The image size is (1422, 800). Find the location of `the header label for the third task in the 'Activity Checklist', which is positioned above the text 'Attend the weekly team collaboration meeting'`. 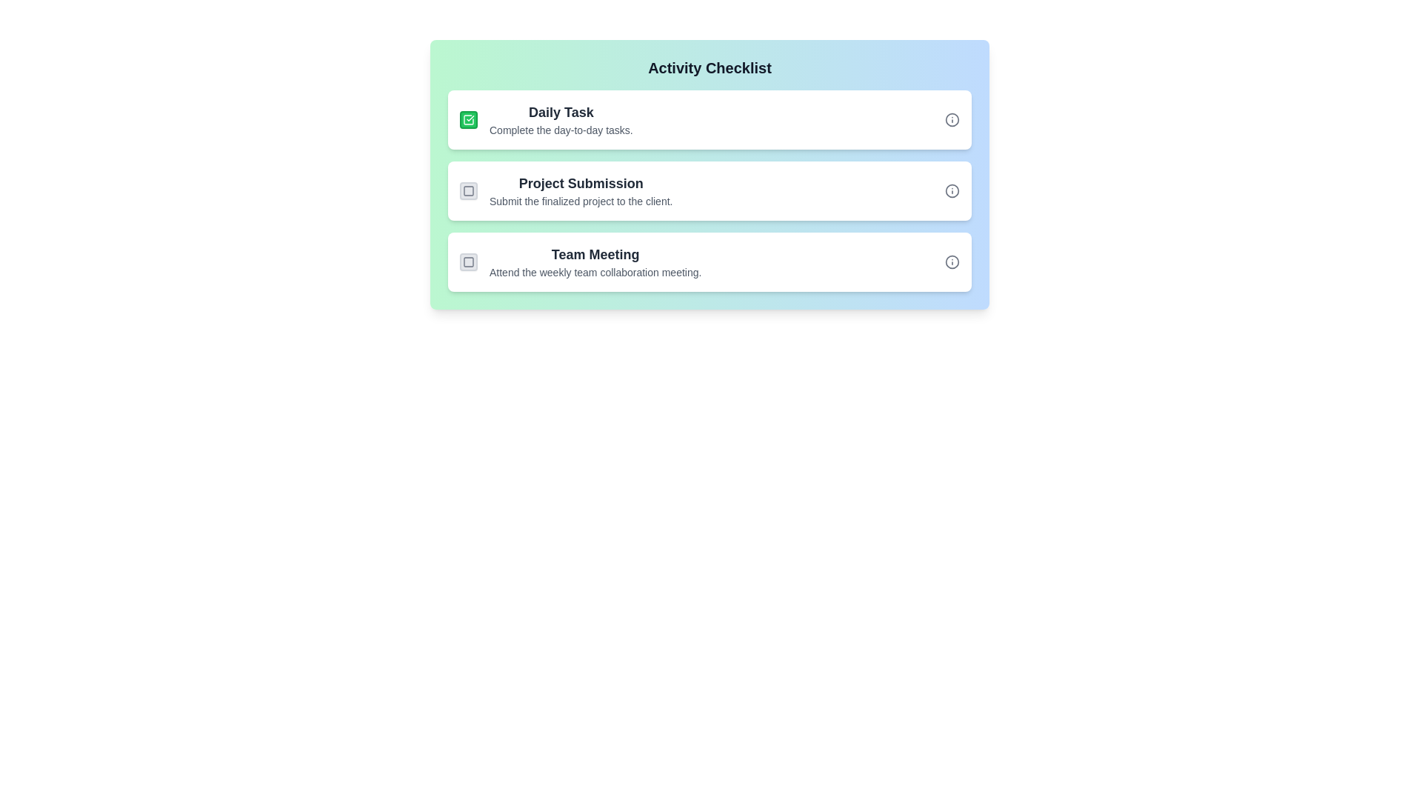

the header label for the third task in the 'Activity Checklist', which is positioned above the text 'Attend the weekly team collaboration meeting' is located at coordinates (595, 253).